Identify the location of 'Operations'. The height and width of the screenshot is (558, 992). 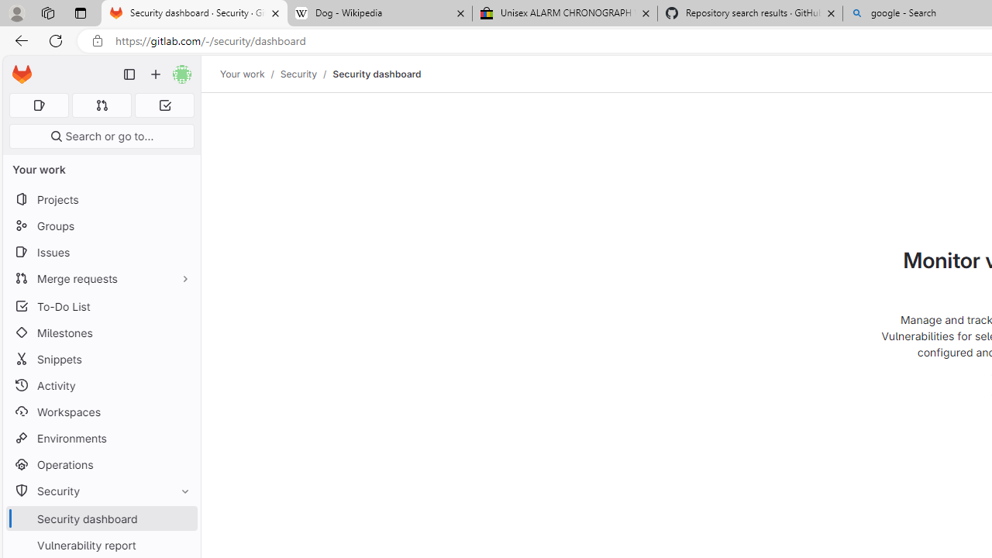
(101, 463).